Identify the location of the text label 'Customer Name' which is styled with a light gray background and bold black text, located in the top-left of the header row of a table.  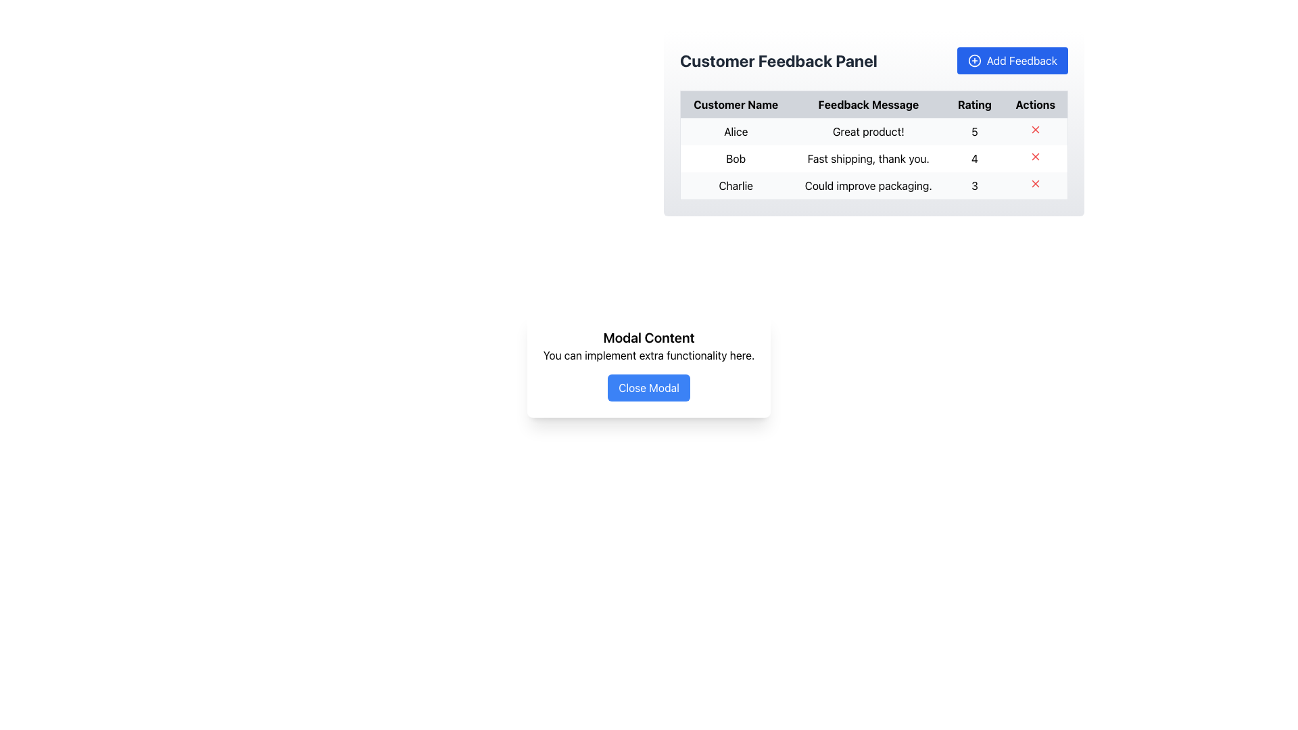
(735, 103).